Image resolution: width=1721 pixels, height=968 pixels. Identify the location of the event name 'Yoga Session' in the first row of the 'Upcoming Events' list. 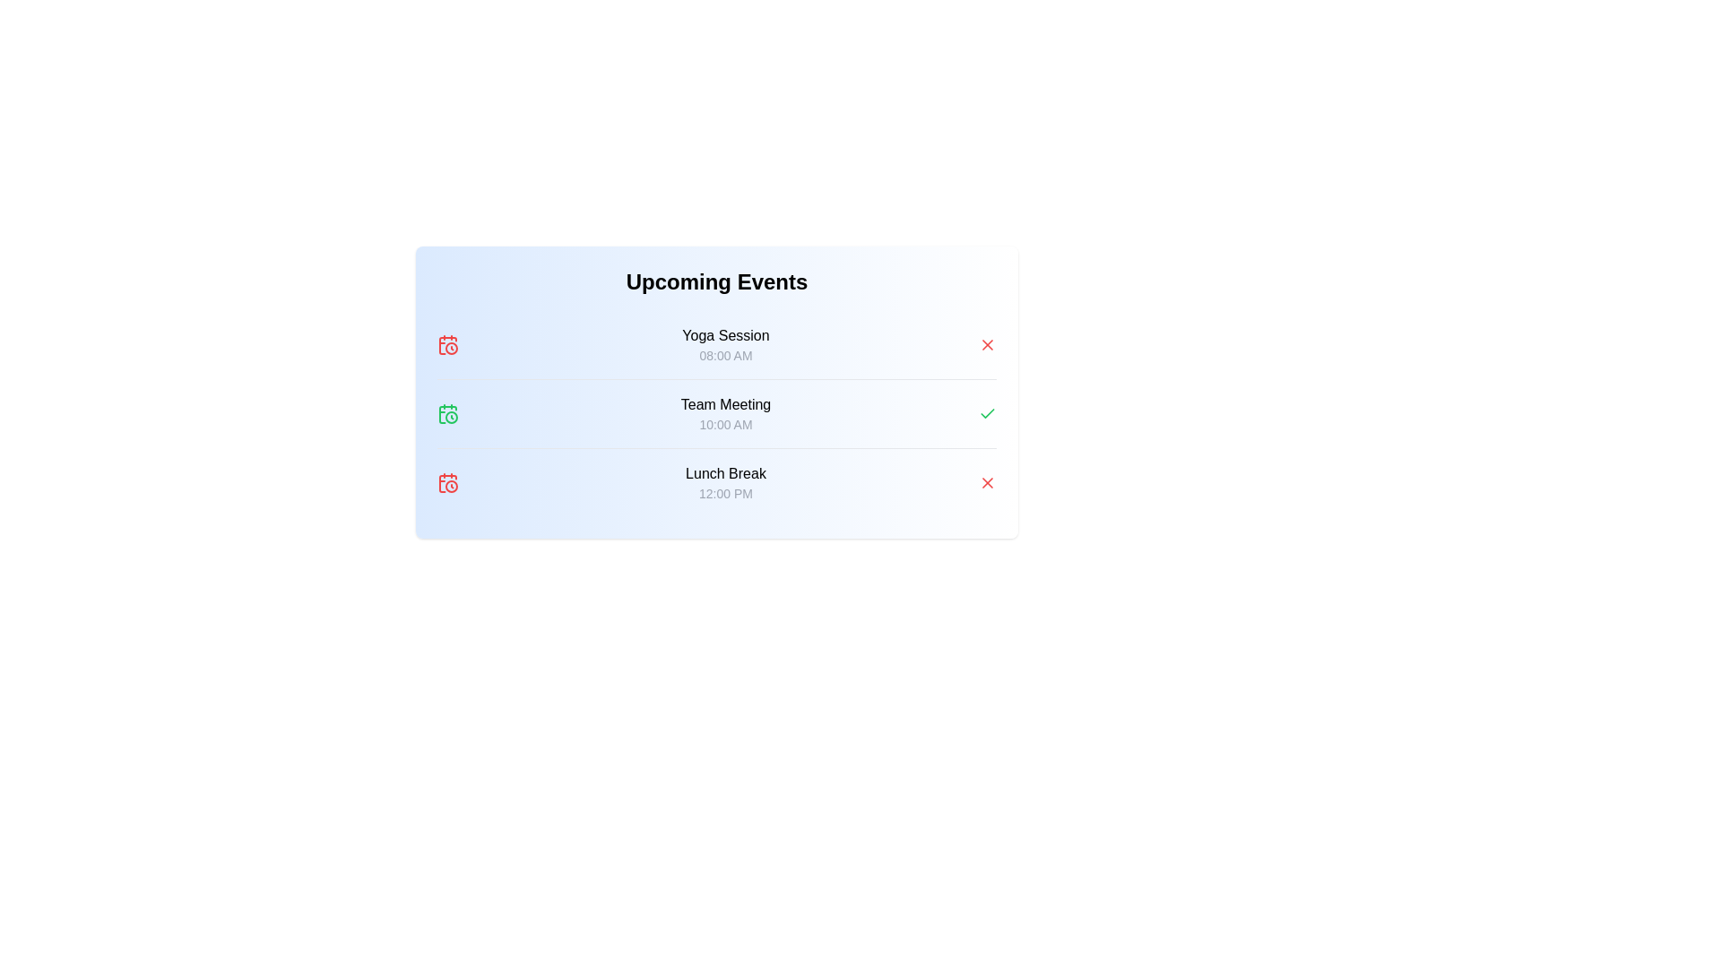
(717, 345).